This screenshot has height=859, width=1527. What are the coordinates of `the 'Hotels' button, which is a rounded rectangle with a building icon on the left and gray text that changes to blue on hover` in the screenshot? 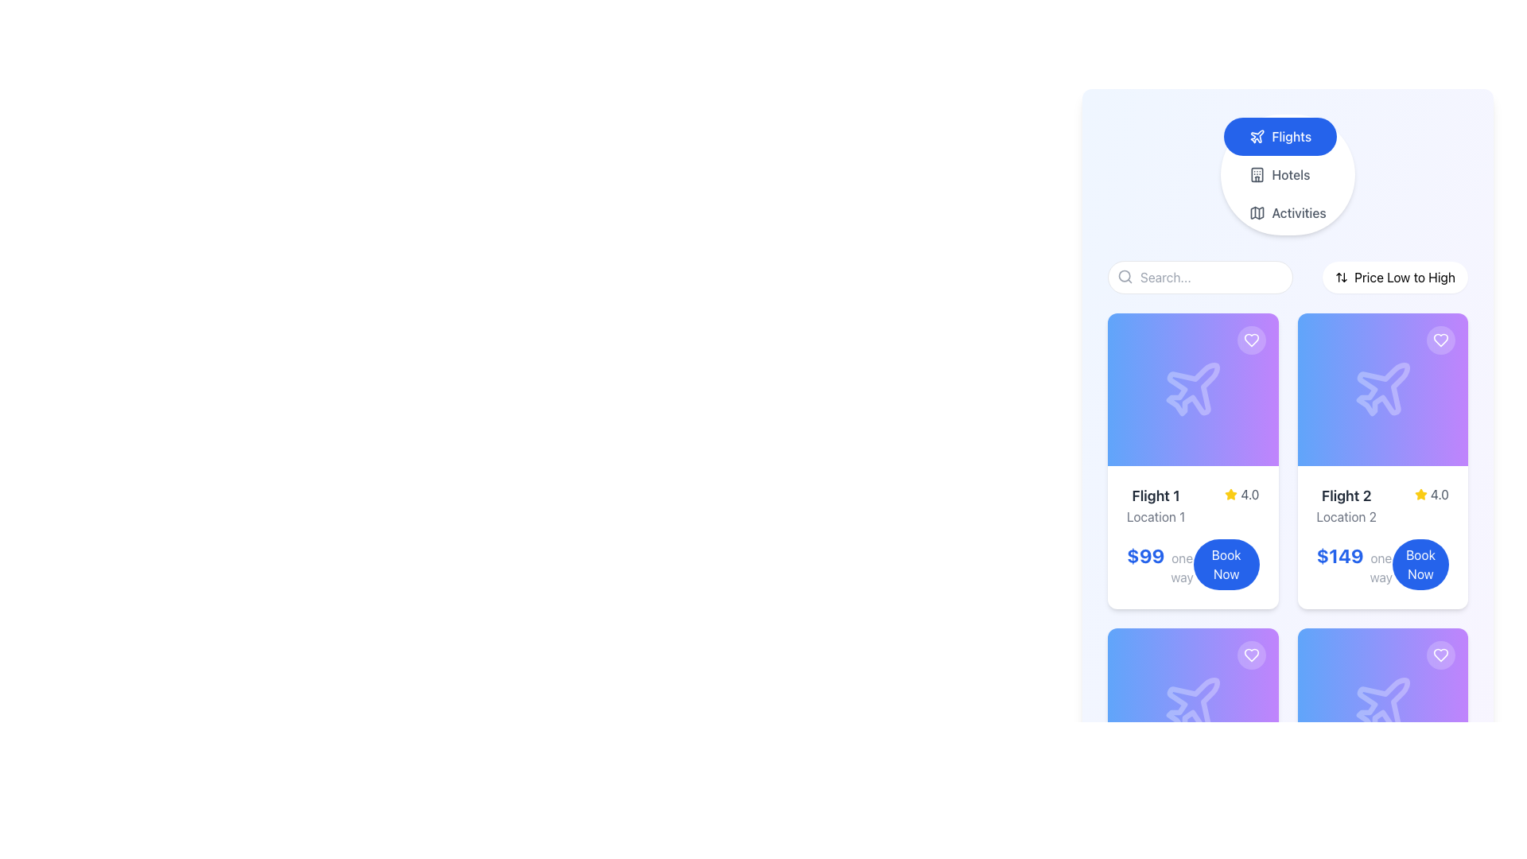 It's located at (1280, 174).